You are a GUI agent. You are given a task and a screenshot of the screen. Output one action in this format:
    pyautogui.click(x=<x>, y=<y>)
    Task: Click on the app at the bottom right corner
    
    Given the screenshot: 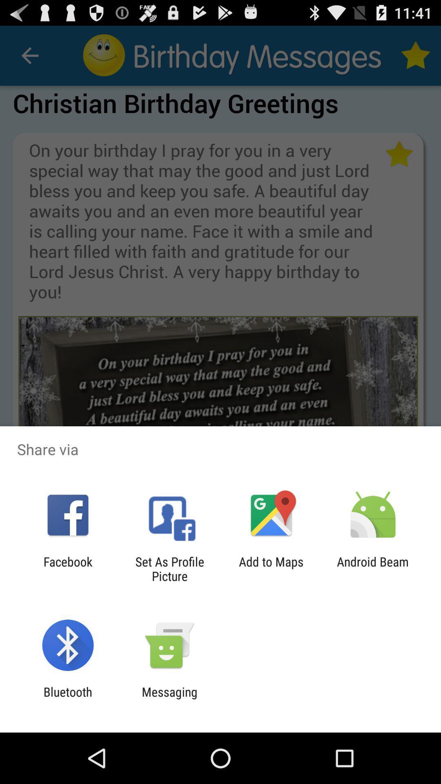 What is the action you would take?
    pyautogui.click(x=373, y=568)
    